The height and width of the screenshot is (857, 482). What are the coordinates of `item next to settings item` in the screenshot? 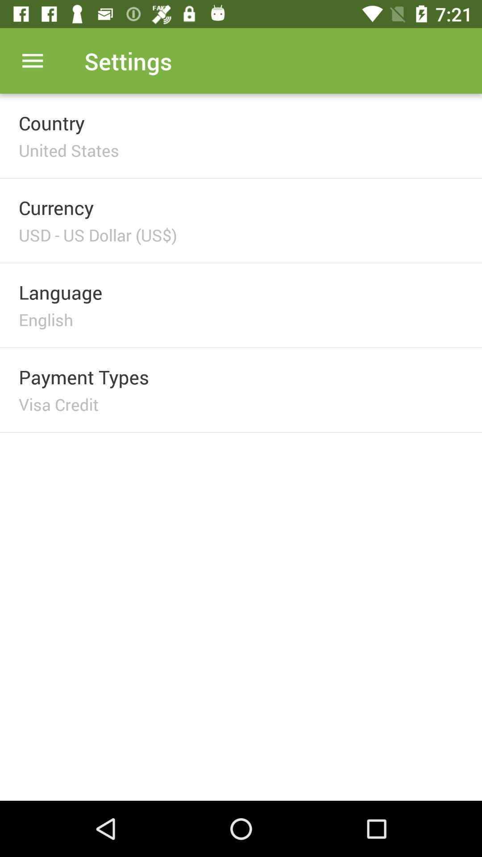 It's located at (32, 60).